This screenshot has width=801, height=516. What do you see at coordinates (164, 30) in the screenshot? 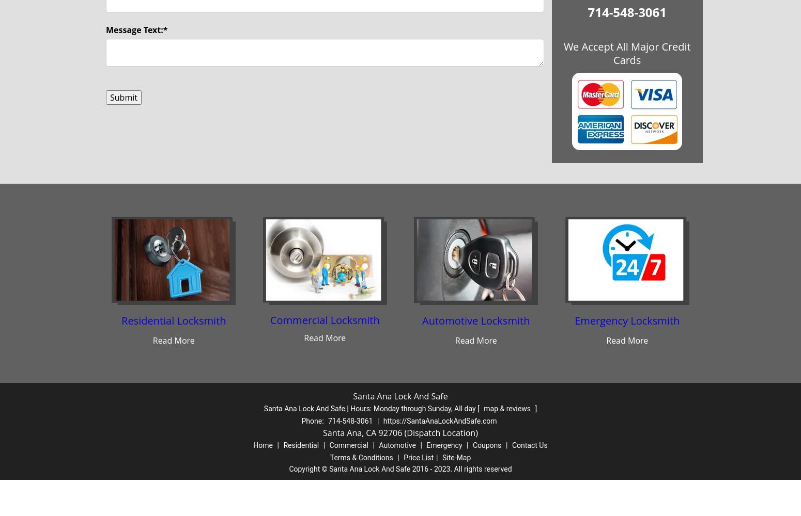
I see `'*'` at bounding box center [164, 30].